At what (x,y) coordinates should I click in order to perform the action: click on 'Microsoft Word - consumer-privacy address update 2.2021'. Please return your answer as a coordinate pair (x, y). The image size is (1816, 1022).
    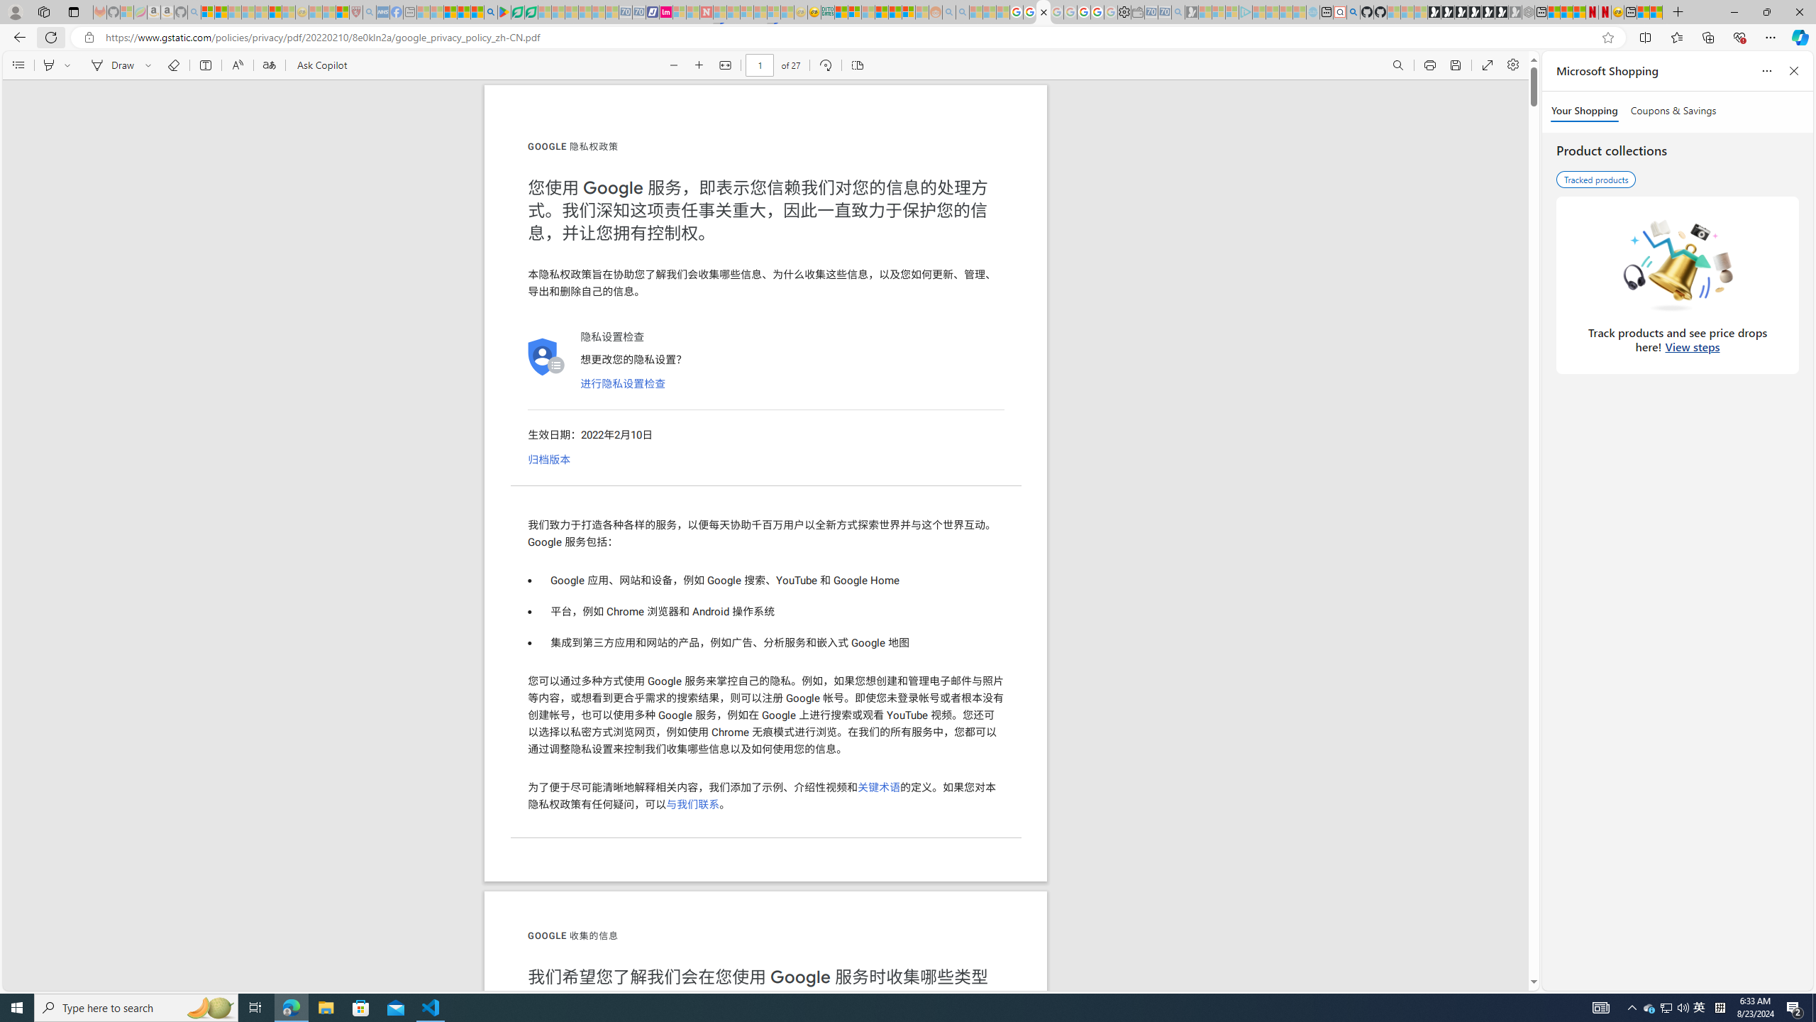
    Looking at the image, I should click on (532, 11).